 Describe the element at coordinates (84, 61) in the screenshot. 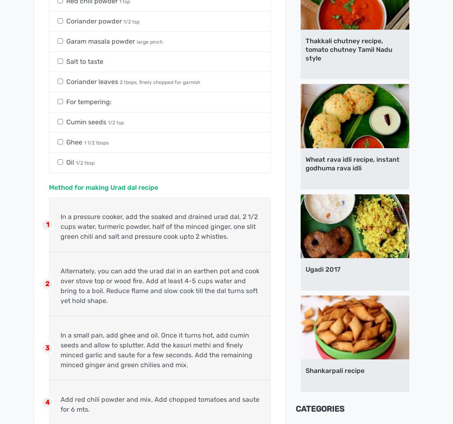

I see `'Salt to taste'` at that location.